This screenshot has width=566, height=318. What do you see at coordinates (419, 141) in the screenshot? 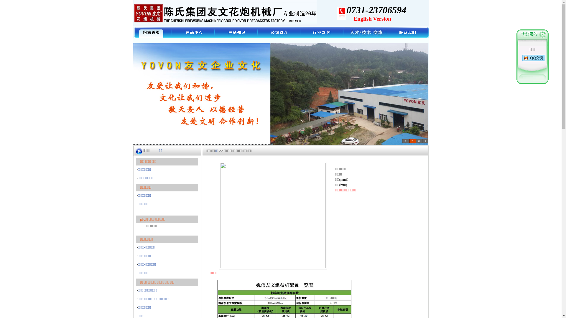
I see `'3'` at bounding box center [419, 141].